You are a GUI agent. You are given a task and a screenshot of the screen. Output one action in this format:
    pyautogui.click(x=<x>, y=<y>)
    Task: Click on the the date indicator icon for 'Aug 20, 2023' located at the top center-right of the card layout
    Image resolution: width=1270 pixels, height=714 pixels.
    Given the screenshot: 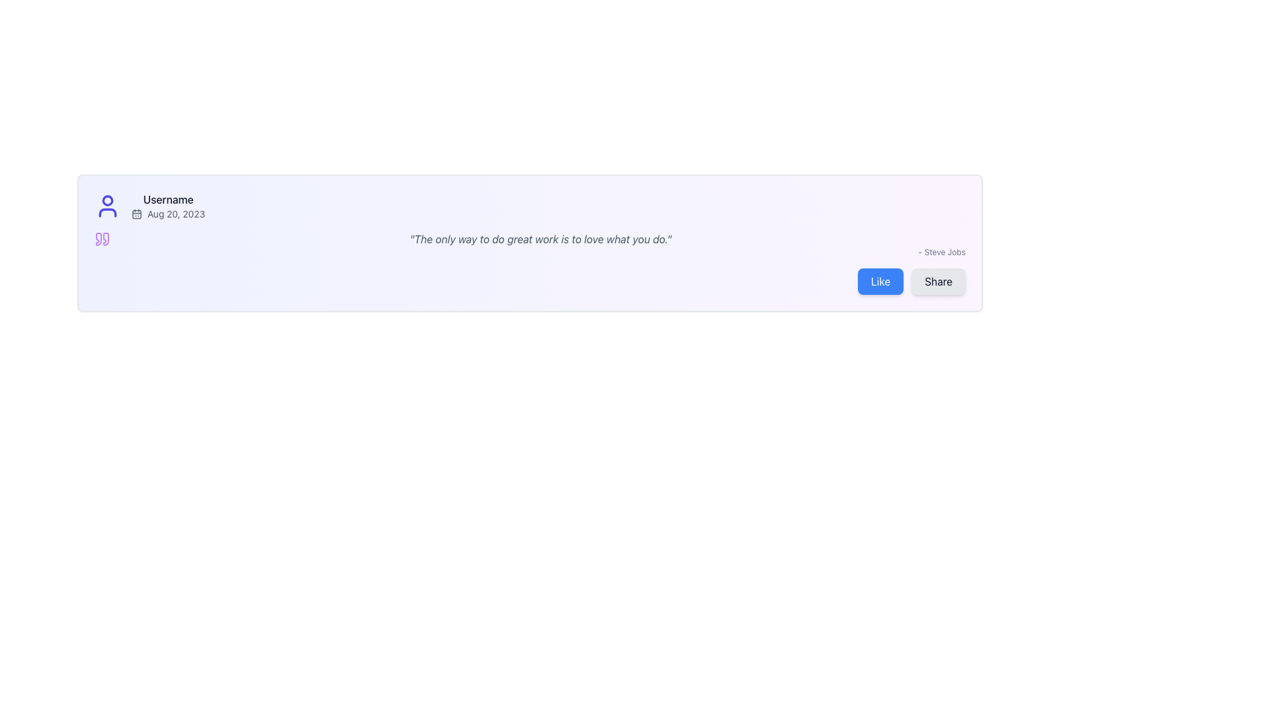 What is the action you would take?
    pyautogui.click(x=136, y=214)
    